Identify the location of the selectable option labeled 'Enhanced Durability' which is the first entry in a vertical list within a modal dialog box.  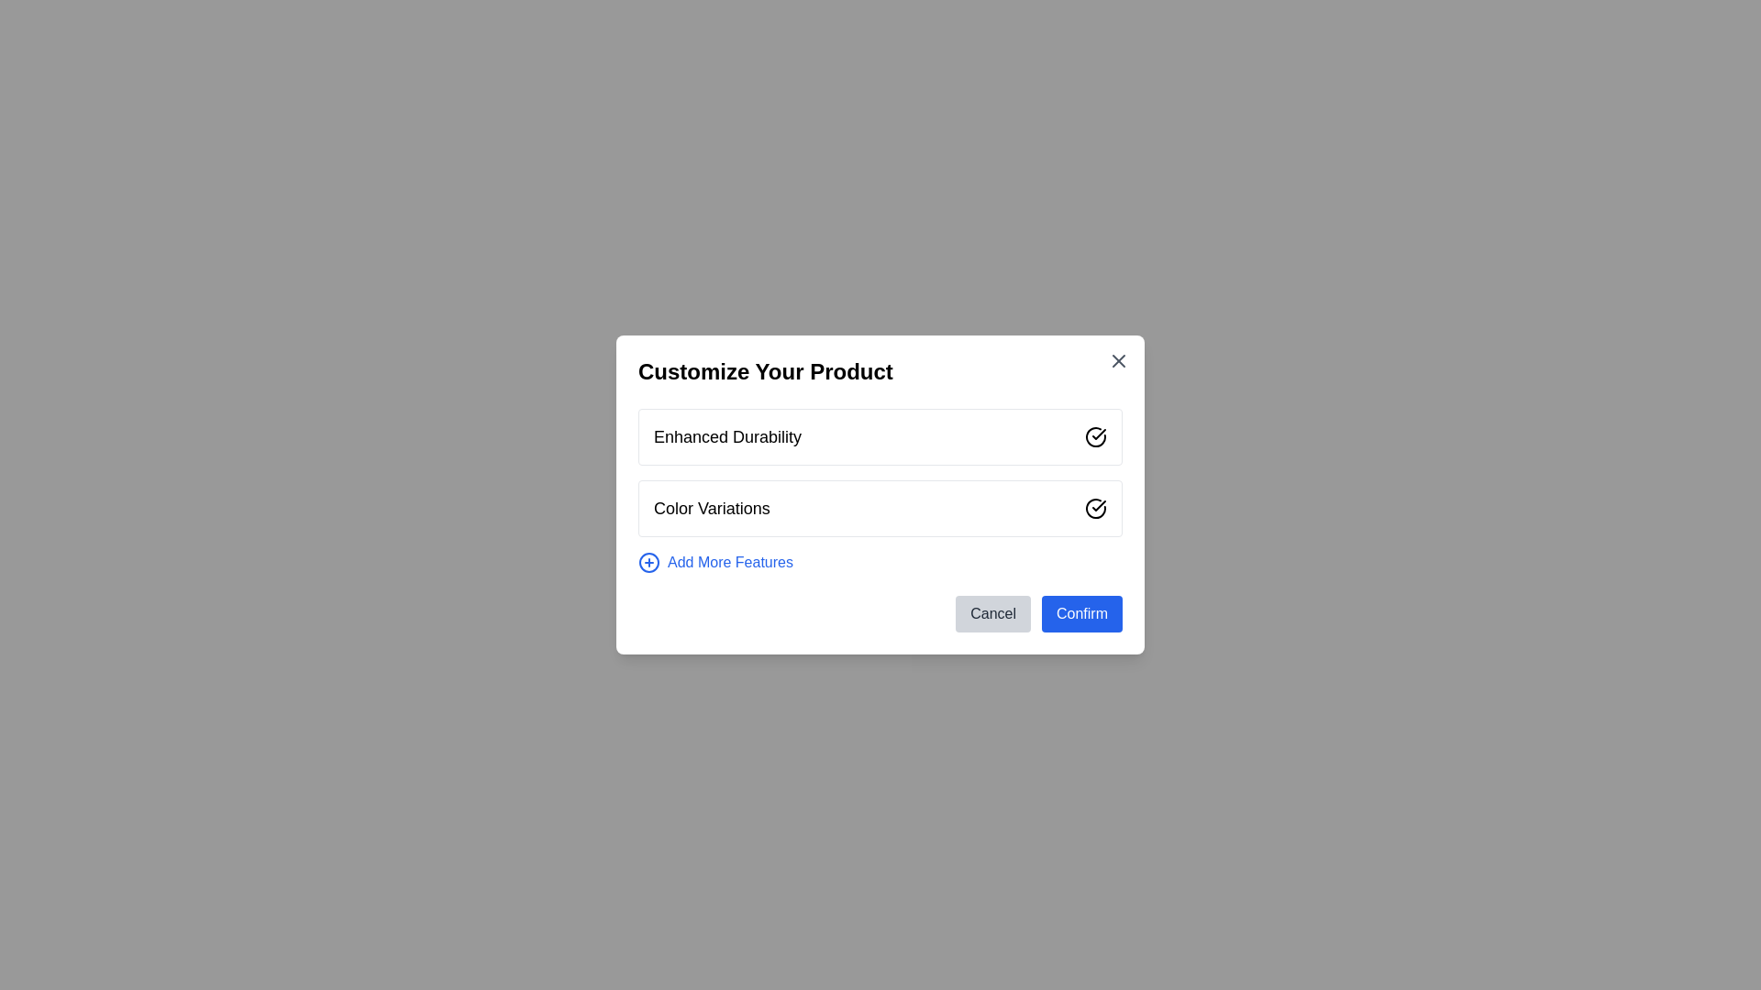
(880, 437).